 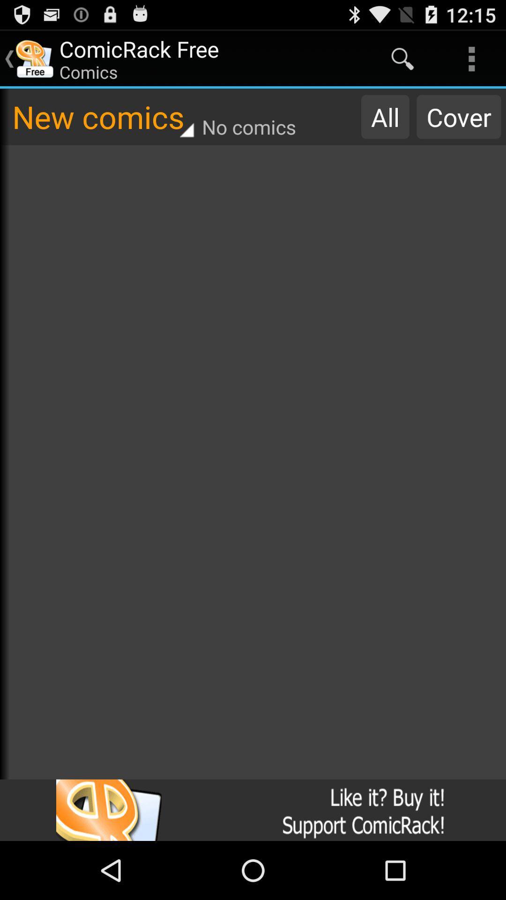 I want to click on advertisement, so click(x=253, y=810).